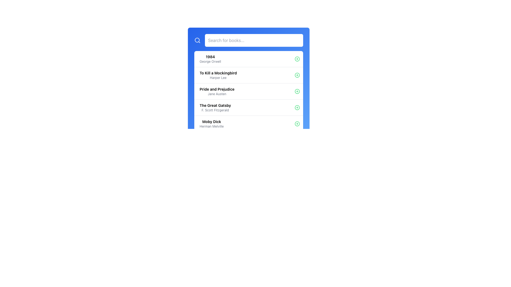 The width and height of the screenshot is (511, 287). What do you see at coordinates (218, 75) in the screenshot?
I see `the Text Display element that shows the book title and author's name, specifically the second item in the vertical list` at bounding box center [218, 75].